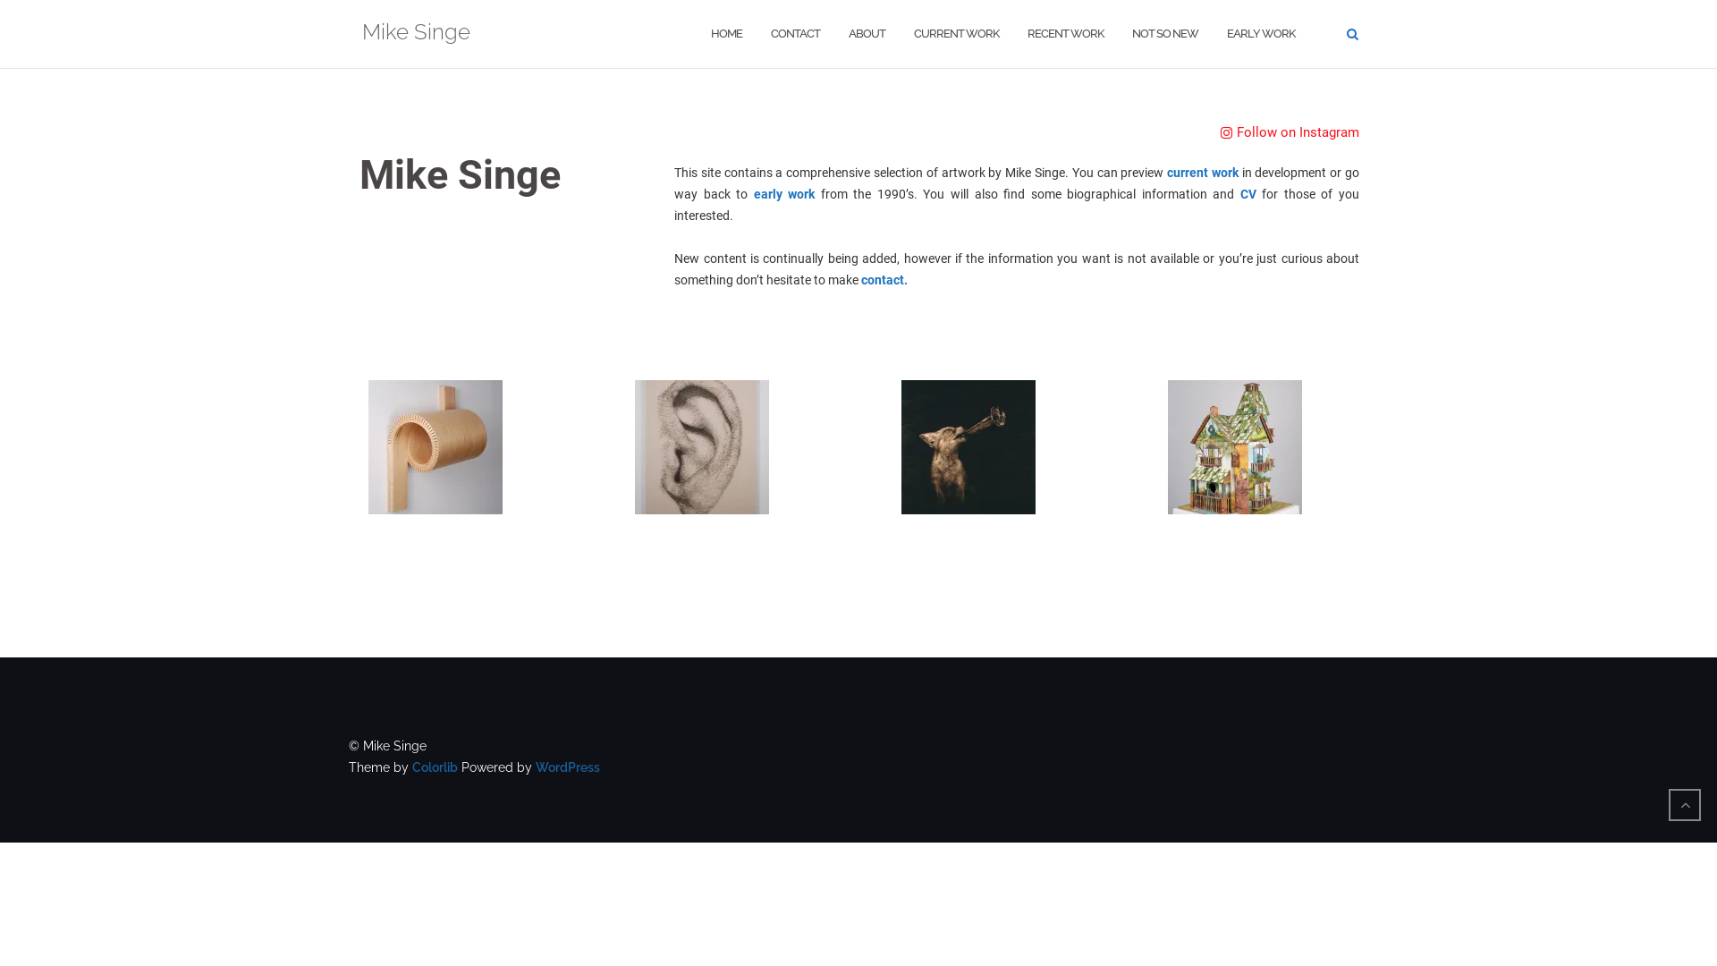 This screenshot has height=966, width=1717. What do you see at coordinates (914, 33) in the screenshot?
I see `'CURRENT WORK'` at bounding box center [914, 33].